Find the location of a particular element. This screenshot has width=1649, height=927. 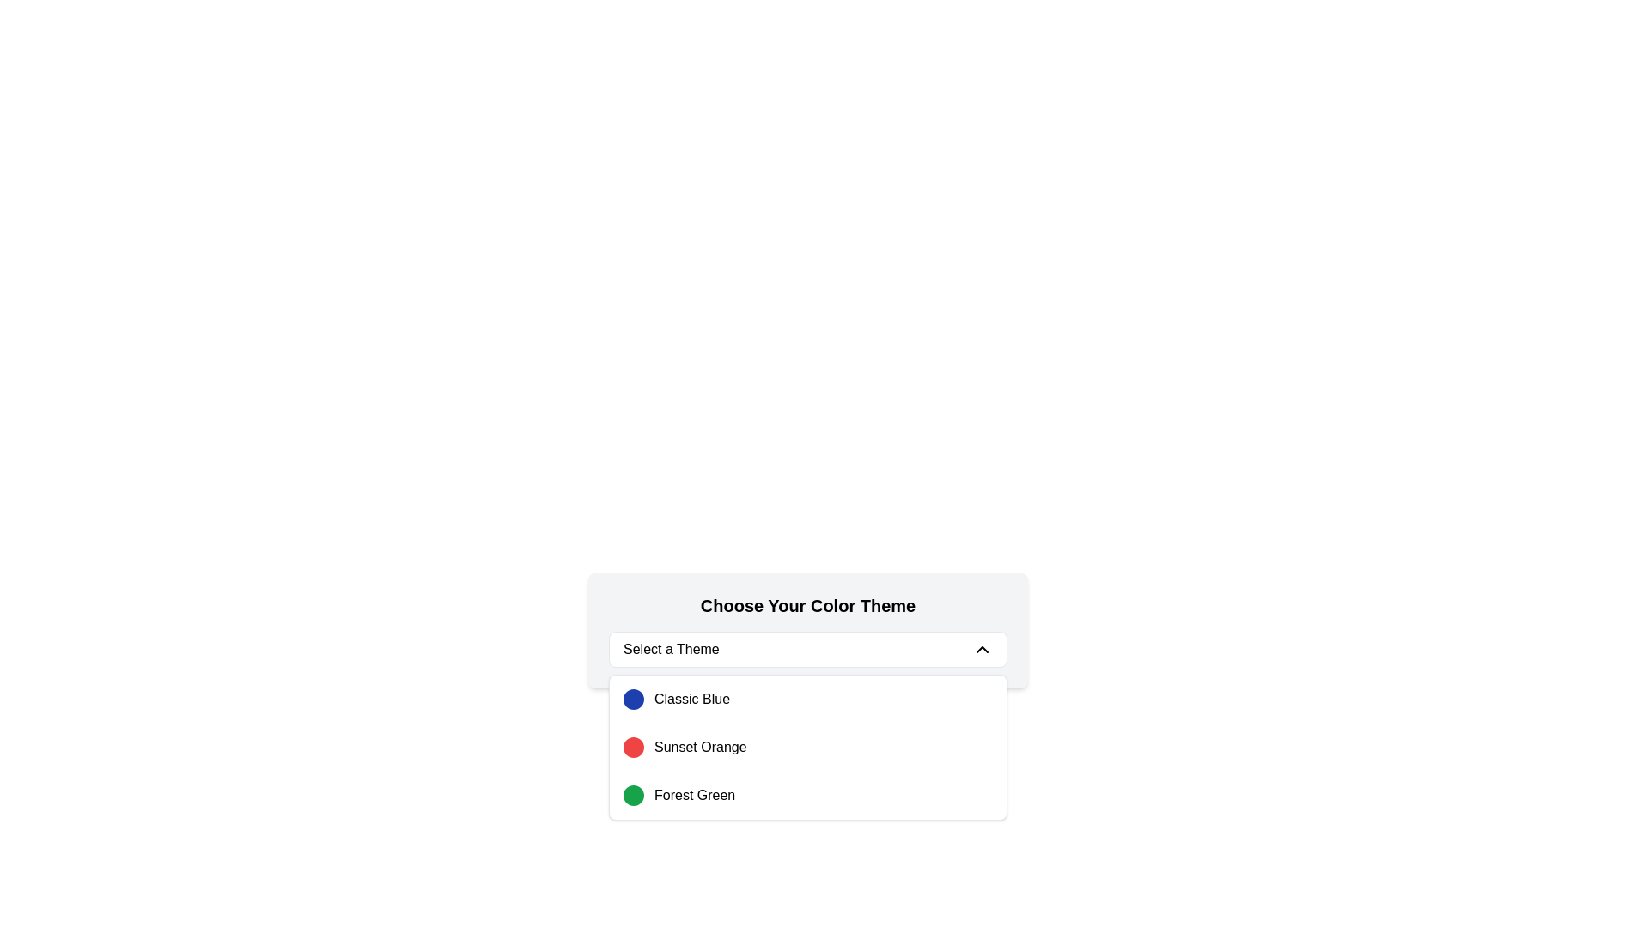

the circular green color selection indicator for 'Forest Green' is located at coordinates (633, 795).